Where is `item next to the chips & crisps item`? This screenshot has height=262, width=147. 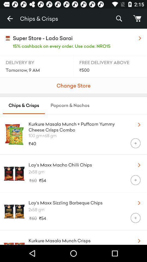 item next to the chips & crisps item is located at coordinates (10, 19).